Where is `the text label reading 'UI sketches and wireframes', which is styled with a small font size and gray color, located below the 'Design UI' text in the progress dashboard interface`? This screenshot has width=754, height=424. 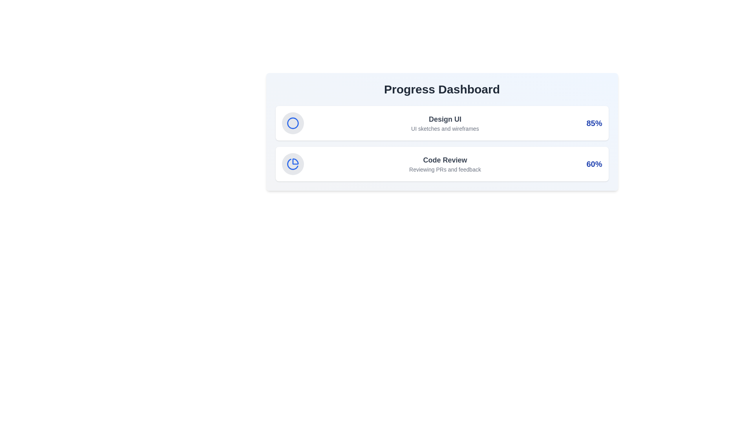
the text label reading 'UI sketches and wireframes', which is styled with a small font size and gray color, located below the 'Design UI' text in the progress dashboard interface is located at coordinates (445, 128).